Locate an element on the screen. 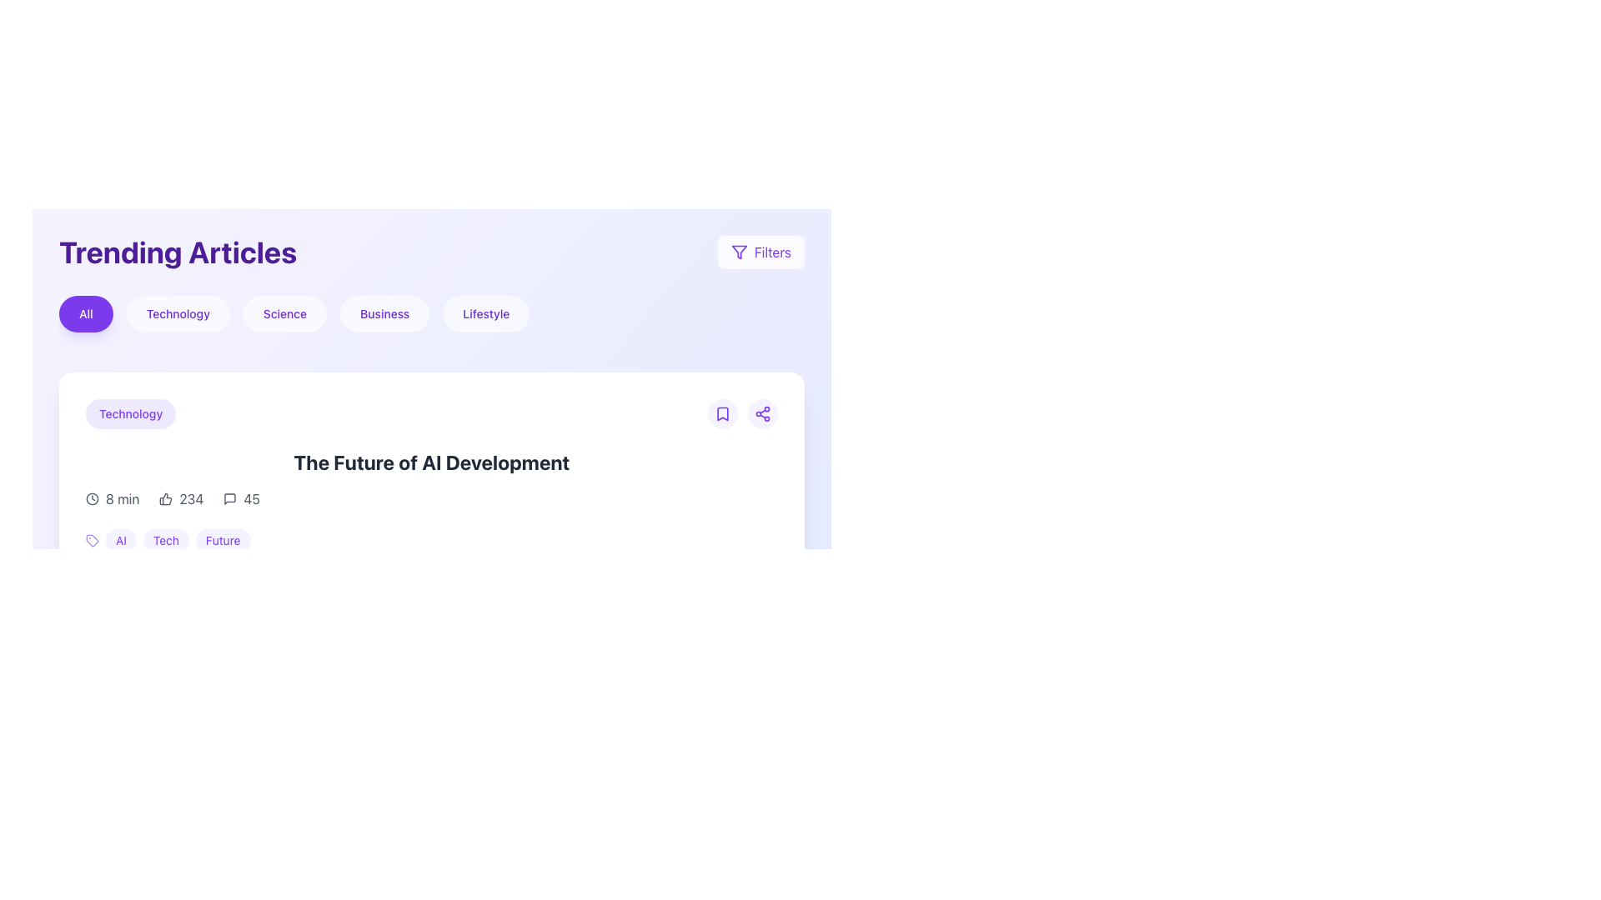 This screenshot has height=900, width=1601. the violet bookmark icon located to the right of the article titled 'The Future of AI Development' to bookmark the associated article is located at coordinates (723, 413).